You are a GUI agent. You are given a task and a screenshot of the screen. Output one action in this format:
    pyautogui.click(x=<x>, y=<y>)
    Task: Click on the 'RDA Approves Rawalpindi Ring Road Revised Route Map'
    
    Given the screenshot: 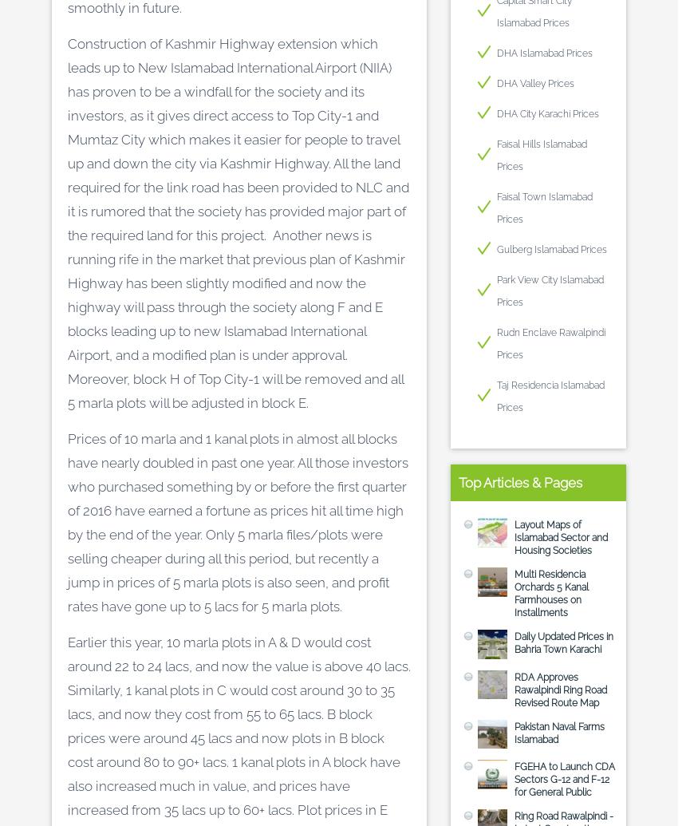 What is the action you would take?
    pyautogui.click(x=560, y=689)
    